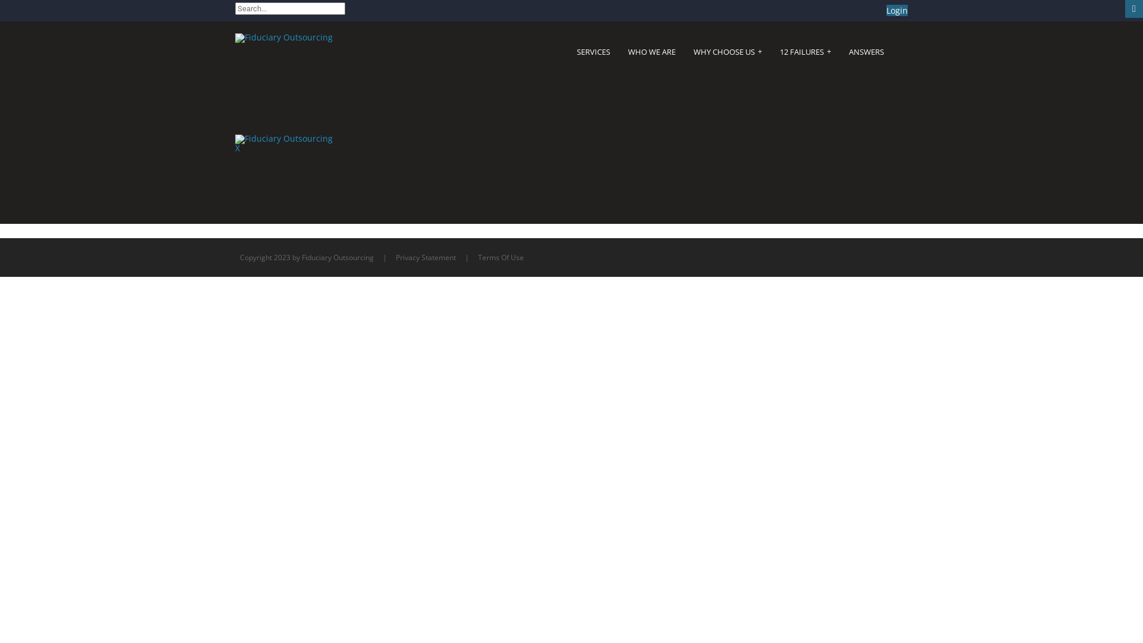 The height and width of the screenshot is (643, 1143). What do you see at coordinates (866, 51) in the screenshot?
I see `'ANSWERS'` at bounding box center [866, 51].